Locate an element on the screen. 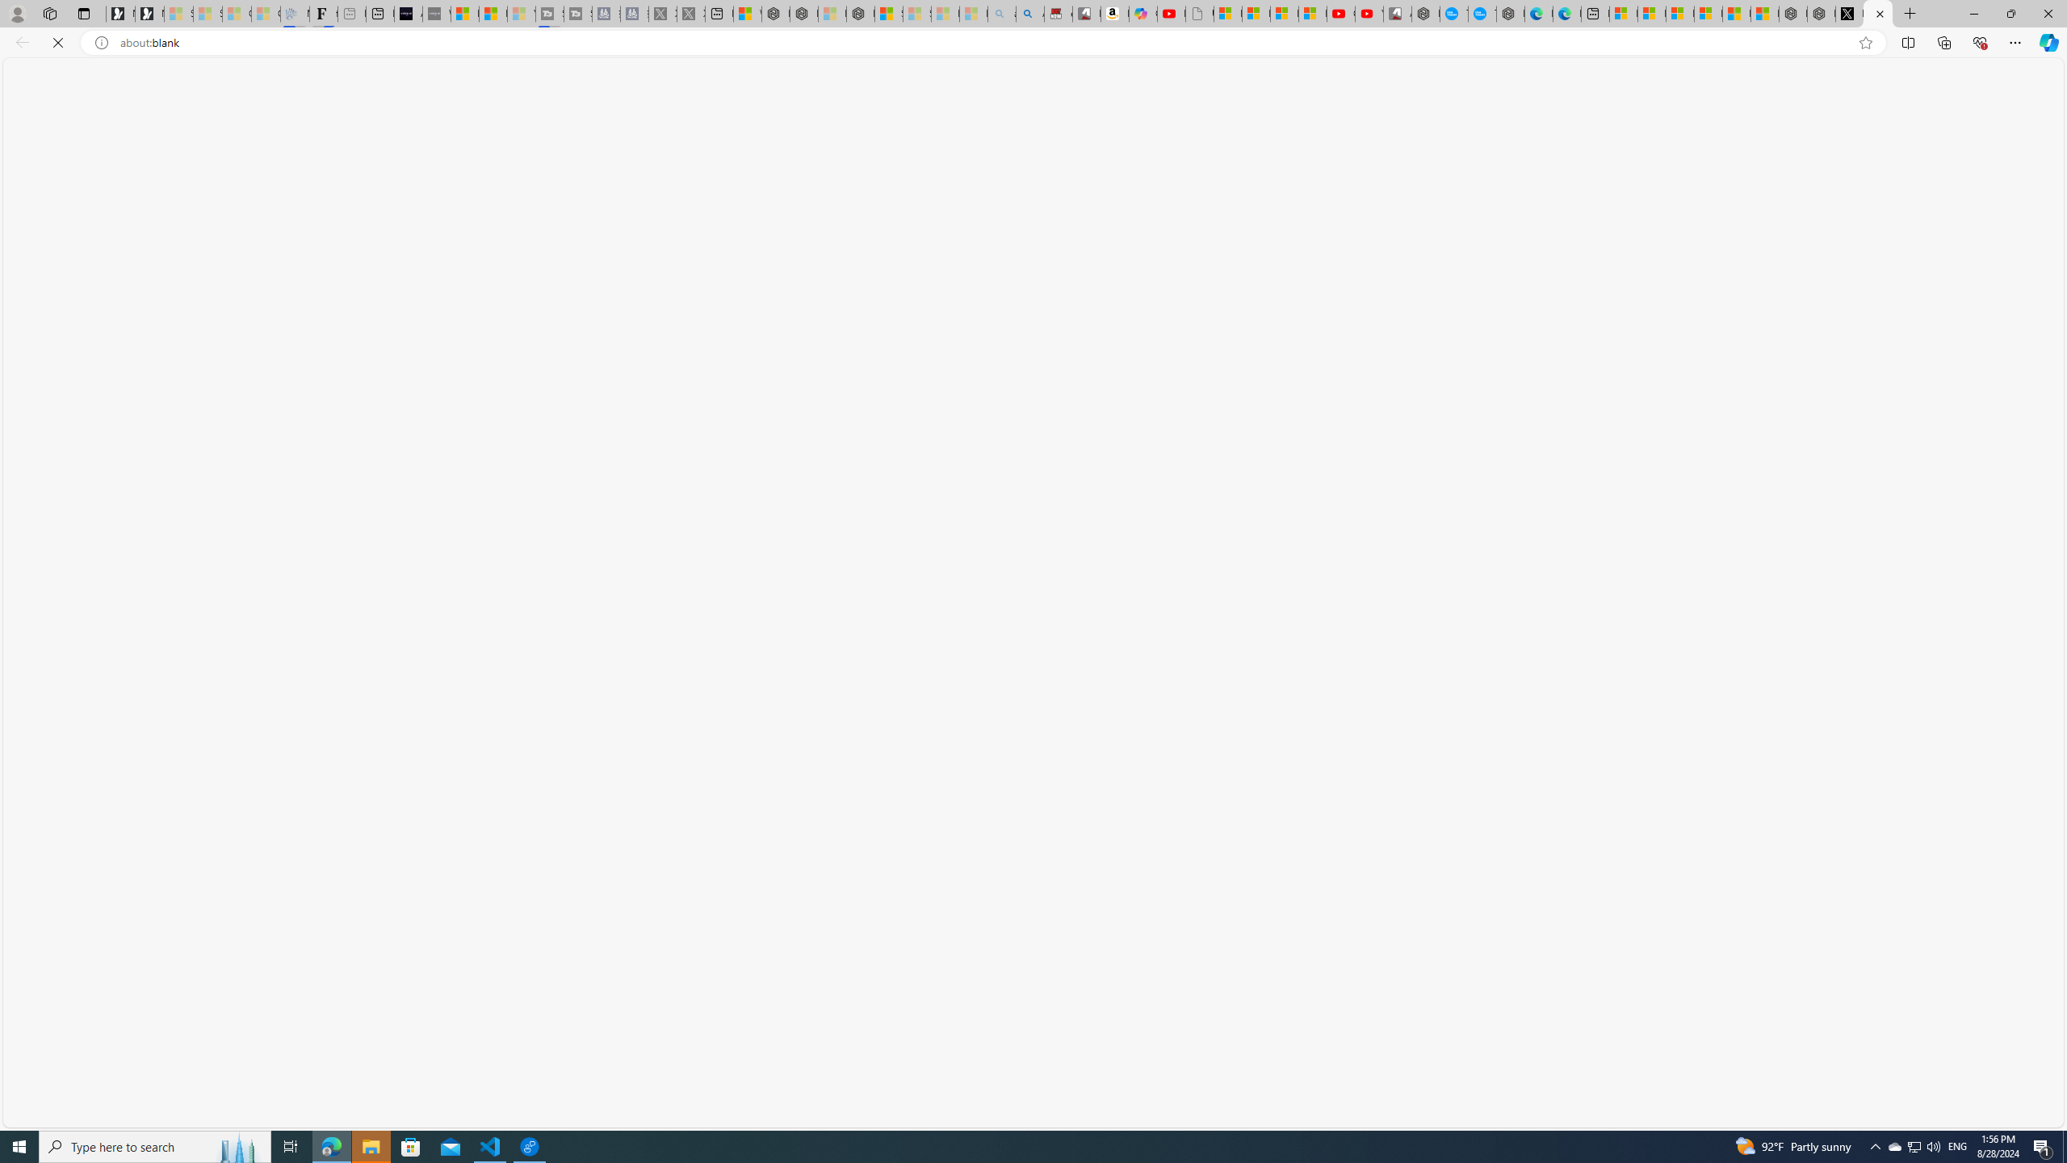 This screenshot has width=2067, height=1163. 'The most popular Google ' is located at coordinates (1481, 13).